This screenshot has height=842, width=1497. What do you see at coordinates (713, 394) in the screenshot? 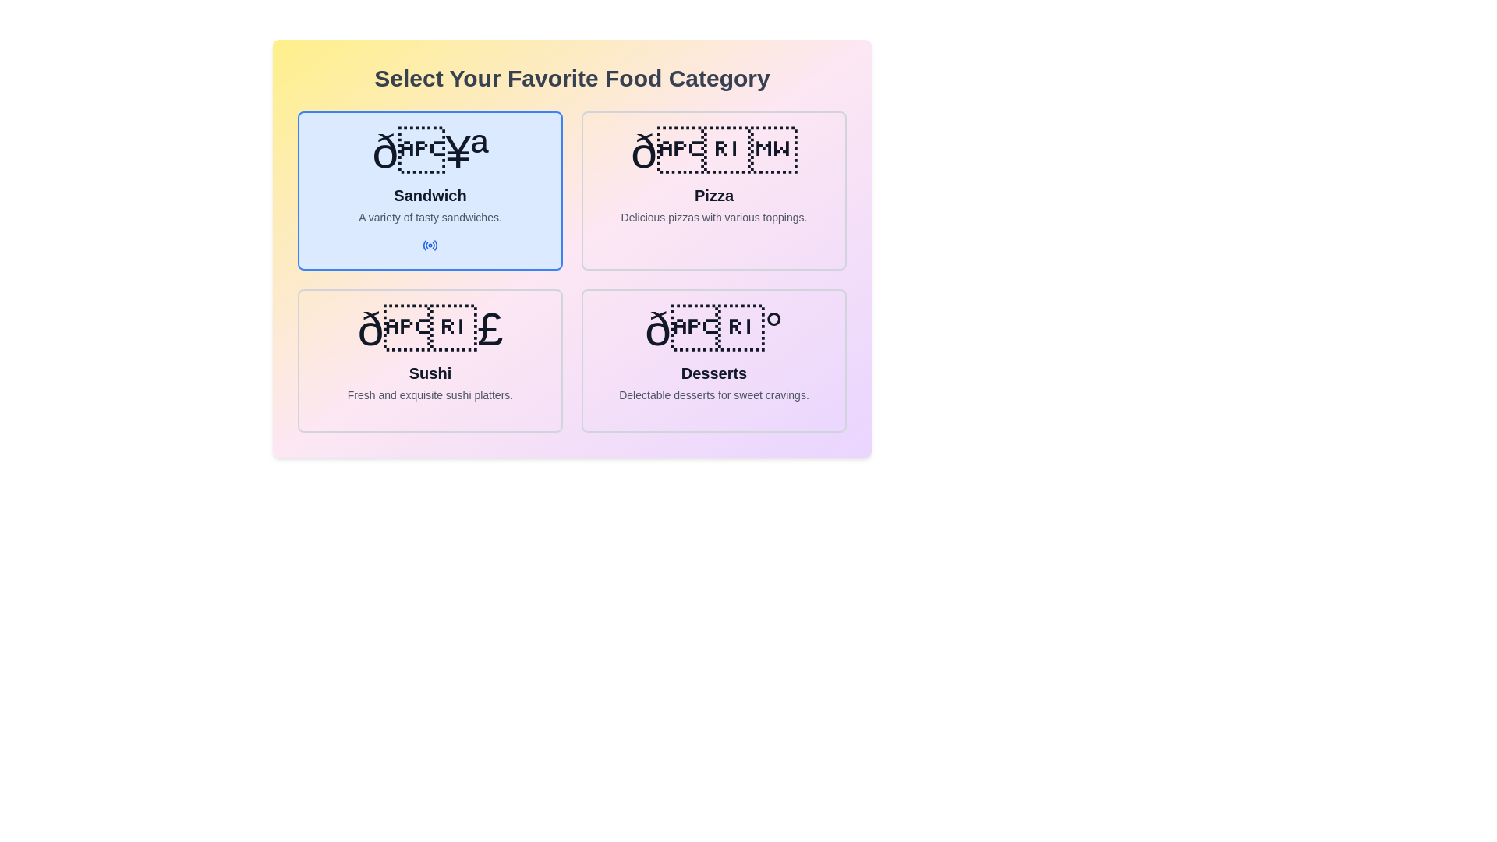
I see `the textual description 'Delectable desserts for sweet cravings.' located below the 'Desserts' heading in the lower-right card of the food categories grid` at bounding box center [713, 394].